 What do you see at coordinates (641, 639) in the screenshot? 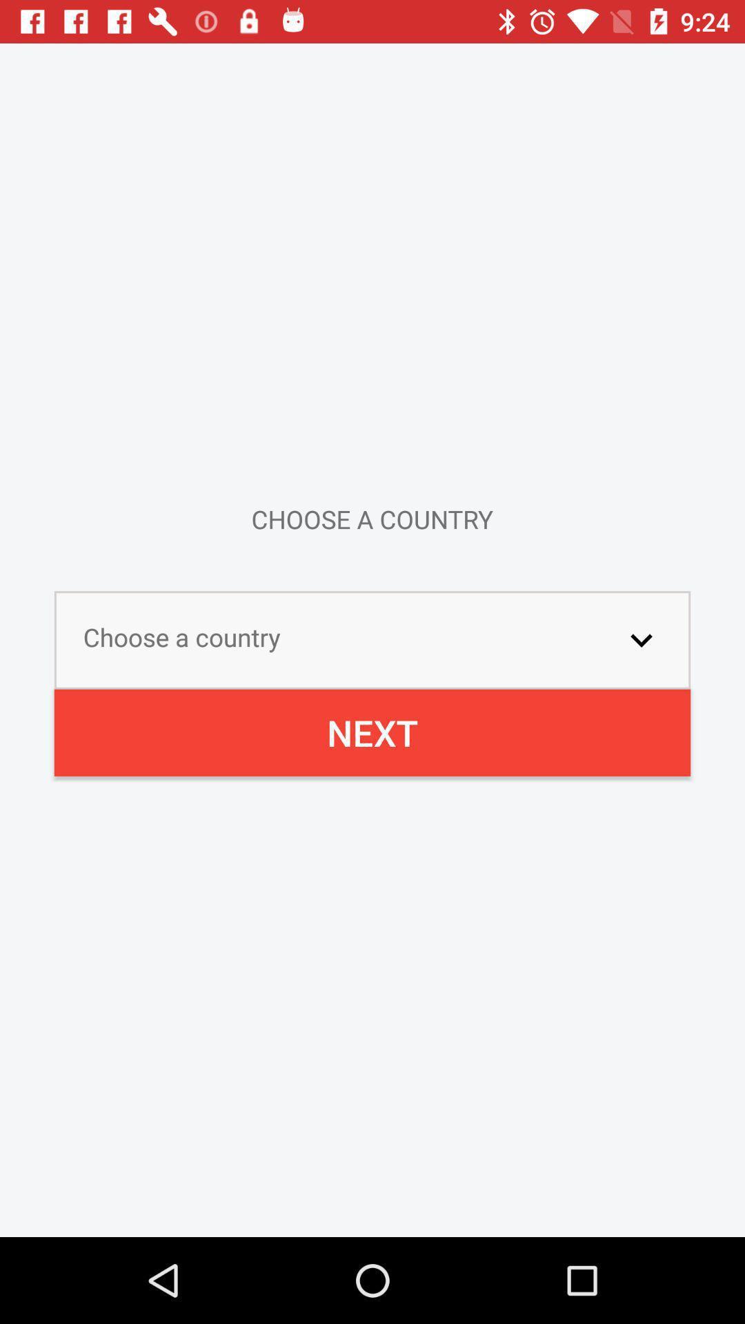
I see `icon to the right of the choose a country icon` at bounding box center [641, 639].